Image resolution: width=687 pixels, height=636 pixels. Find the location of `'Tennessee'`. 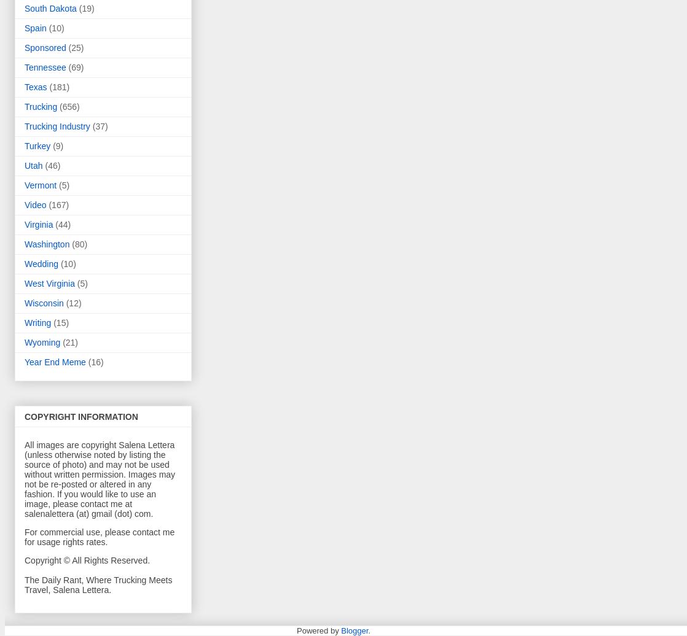

'Tennessee' is located at coordinates (45, 68).